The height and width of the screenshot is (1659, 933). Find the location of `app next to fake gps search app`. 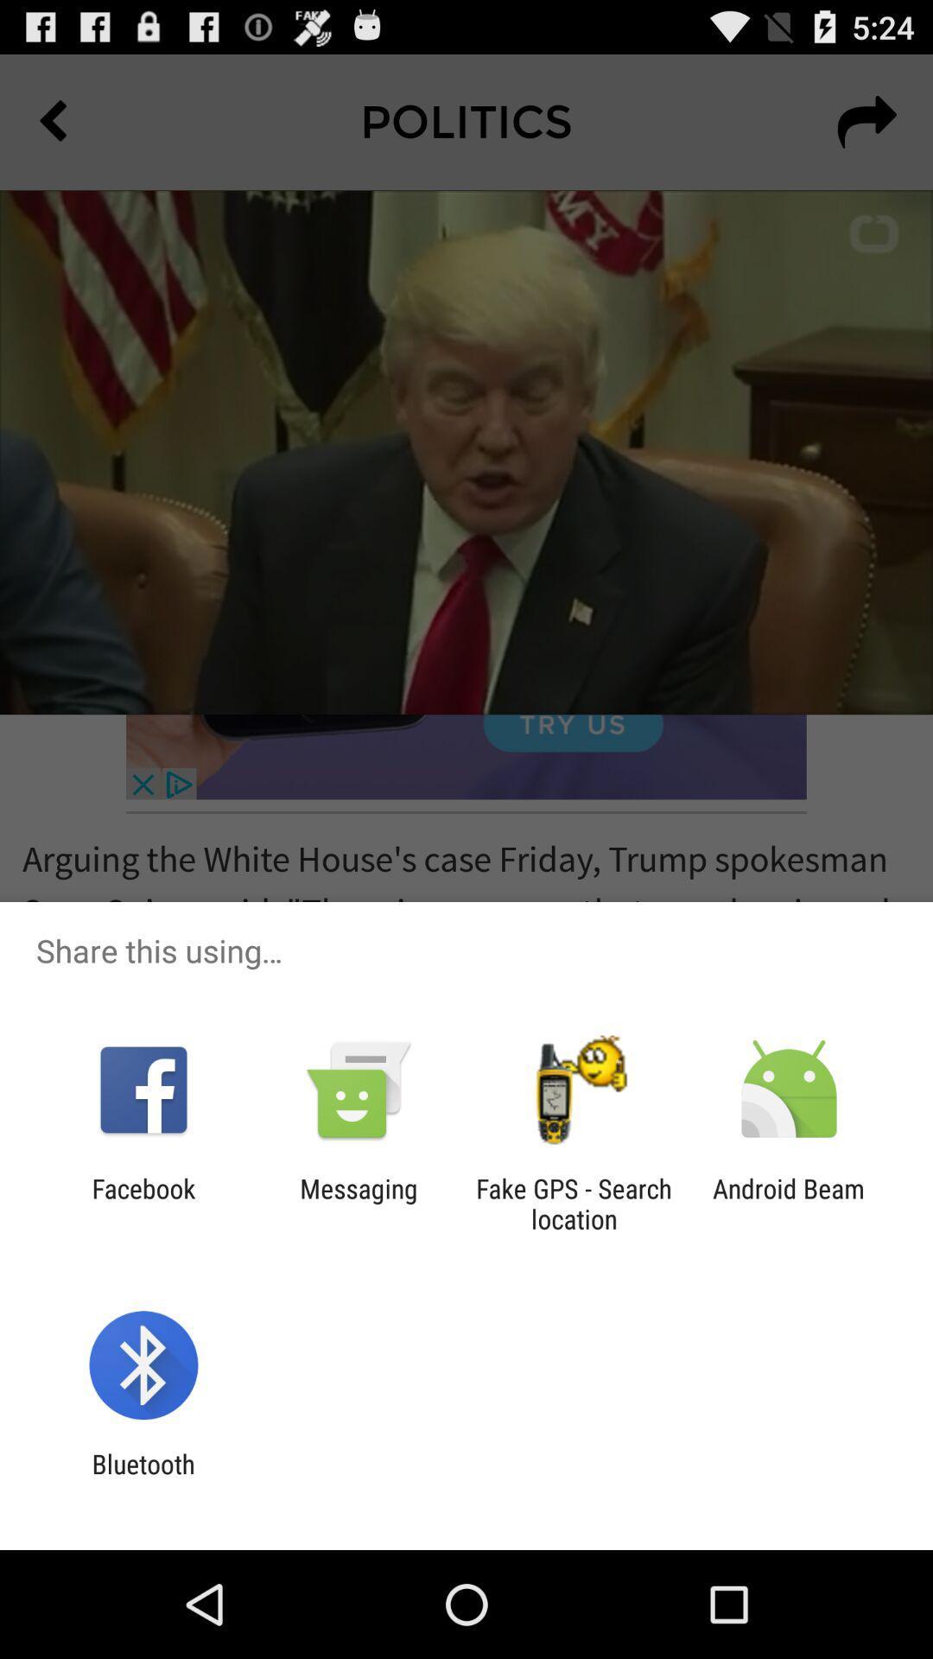

app next to fake gps search app is located at coordinates (789, 1203).